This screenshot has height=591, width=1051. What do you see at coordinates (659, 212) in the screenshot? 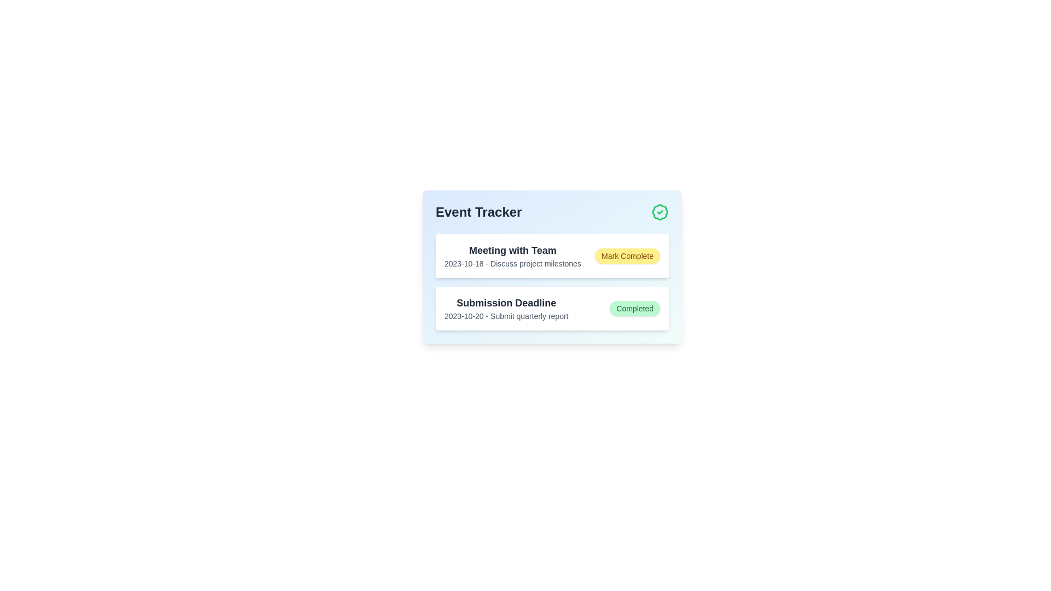
I see `the green checkmark badge icon located in the top-right corner of the 'Event Tracker' header` at bounding box center [659, 212].